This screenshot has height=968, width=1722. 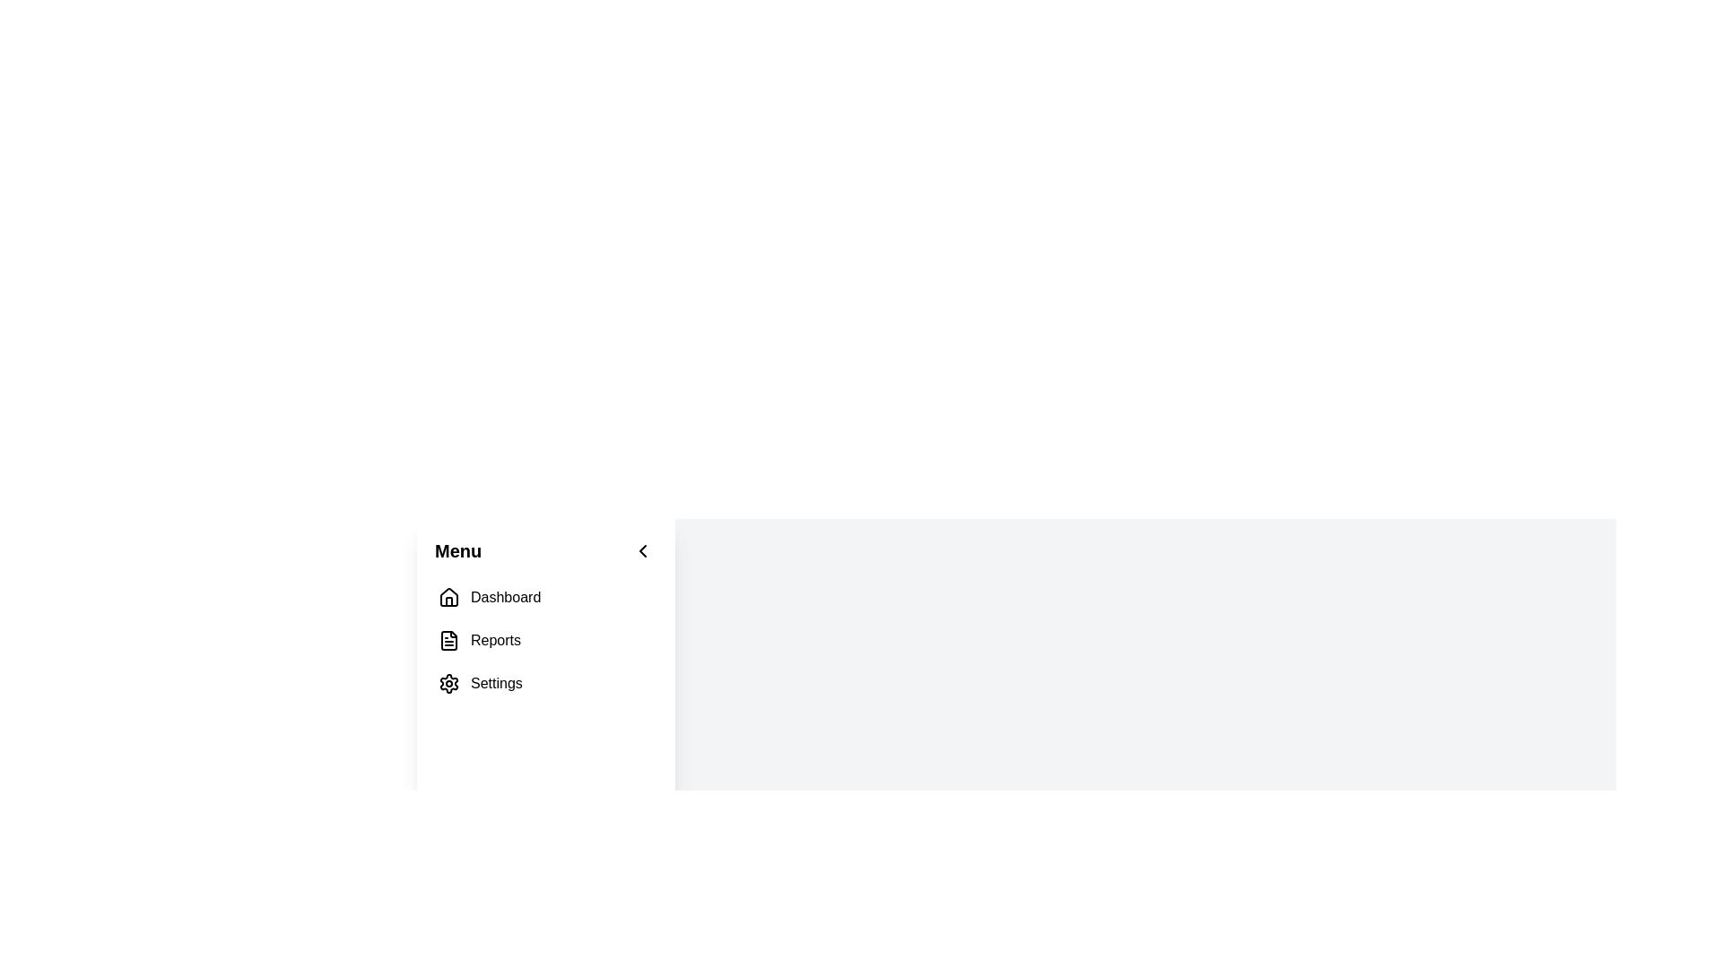 I want to click on the left arrow icon within the circular button located in the top-right corner of the menu panel, so click(x=642, y=549).